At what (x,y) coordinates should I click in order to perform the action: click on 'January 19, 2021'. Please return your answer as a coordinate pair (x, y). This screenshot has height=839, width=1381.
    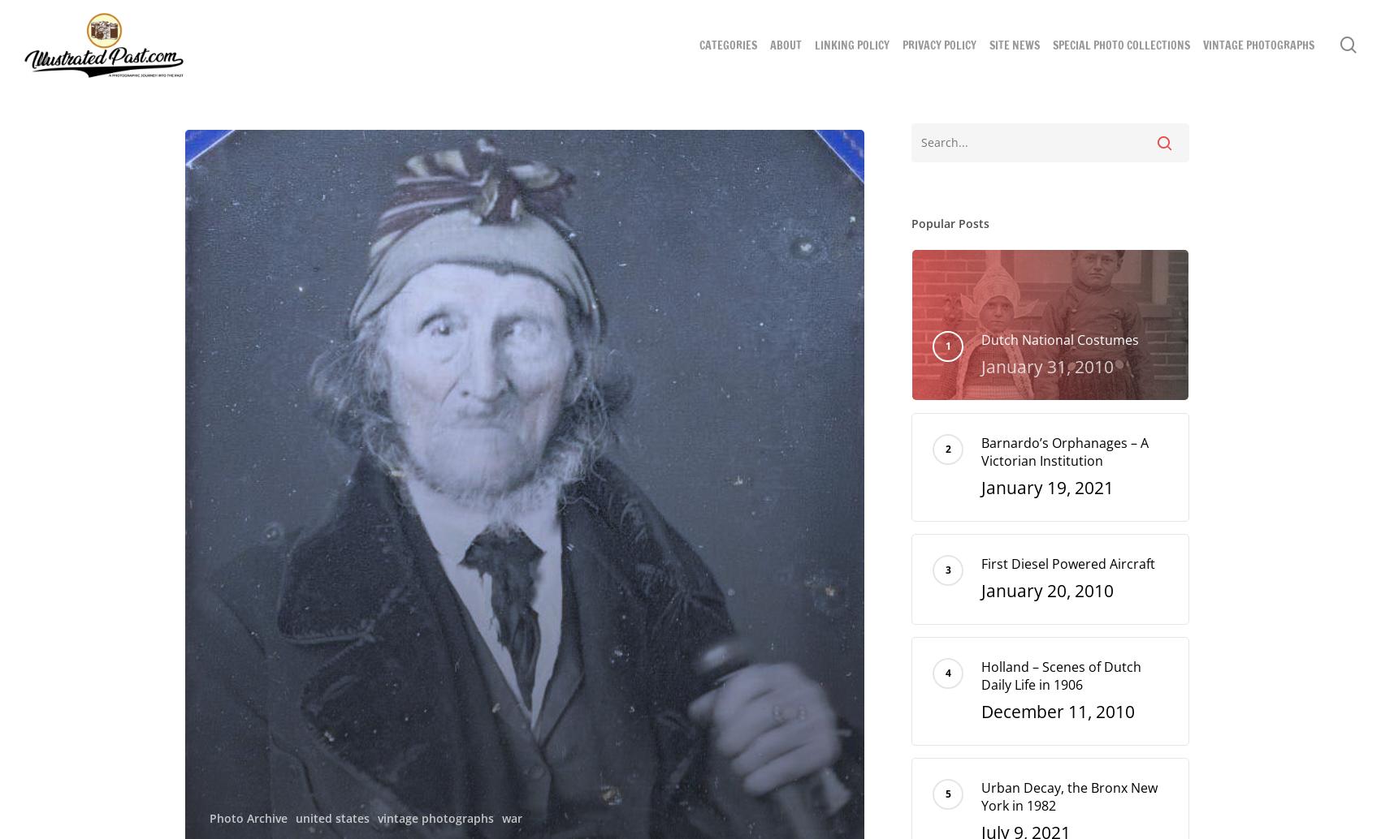
    Looking at the image, I should click on (1047, 487).